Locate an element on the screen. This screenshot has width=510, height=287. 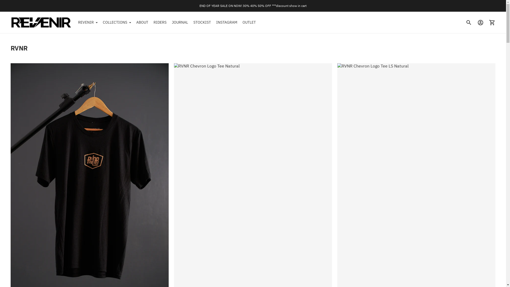
'COLLECTIONS' is located at coordinates (117, 22).